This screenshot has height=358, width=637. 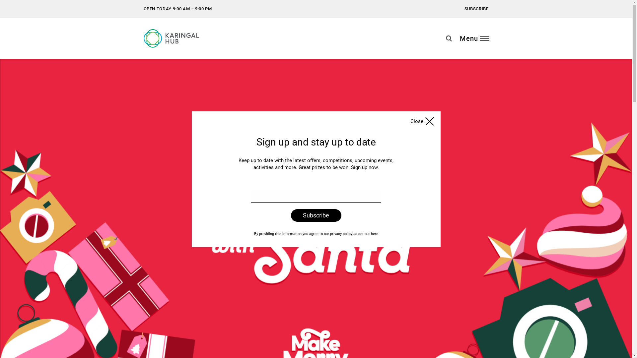 What do you see at coordinates (177, 38) in the screenshot?
I see `'Karingal Hub'` at bounding box center [177, 38].